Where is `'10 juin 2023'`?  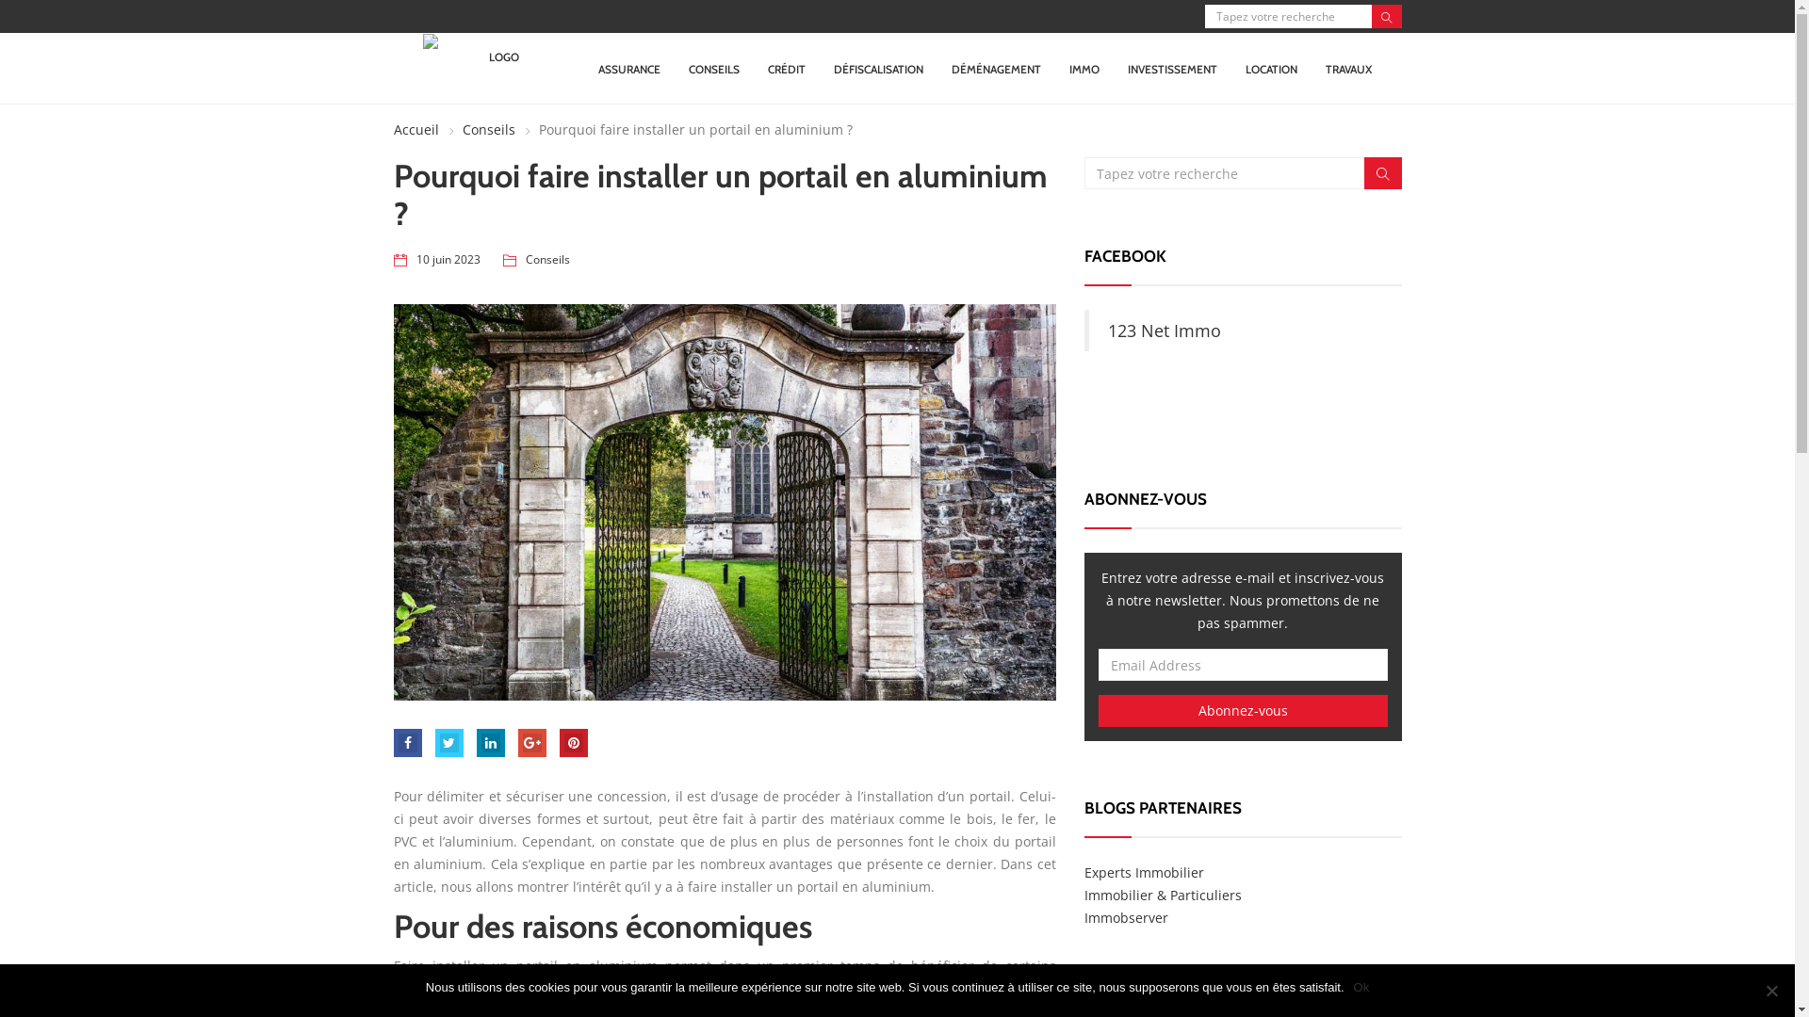
'10 juin 2023' is located at coordinates (447, 260).